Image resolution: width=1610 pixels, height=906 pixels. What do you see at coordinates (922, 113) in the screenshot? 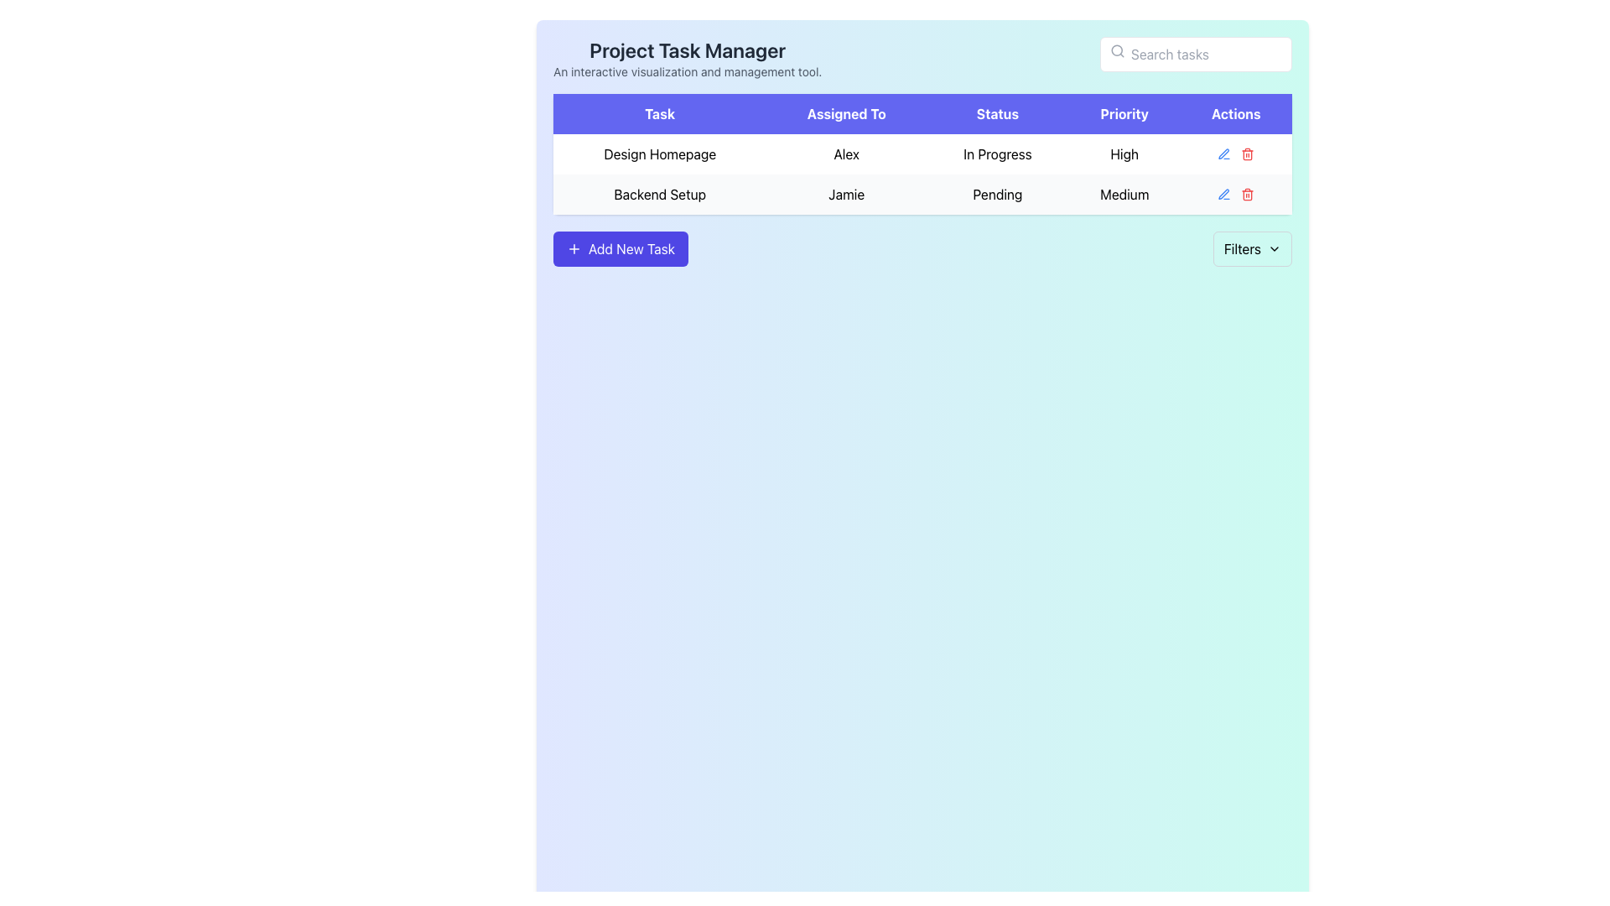
I see `the Table Header Row element that has an indigo-blue background and contains labels like 'Task', 'Assigned To', 'Status', 'Priority', 'Actions' by tabbing to it` at bounding box center [922, 113].